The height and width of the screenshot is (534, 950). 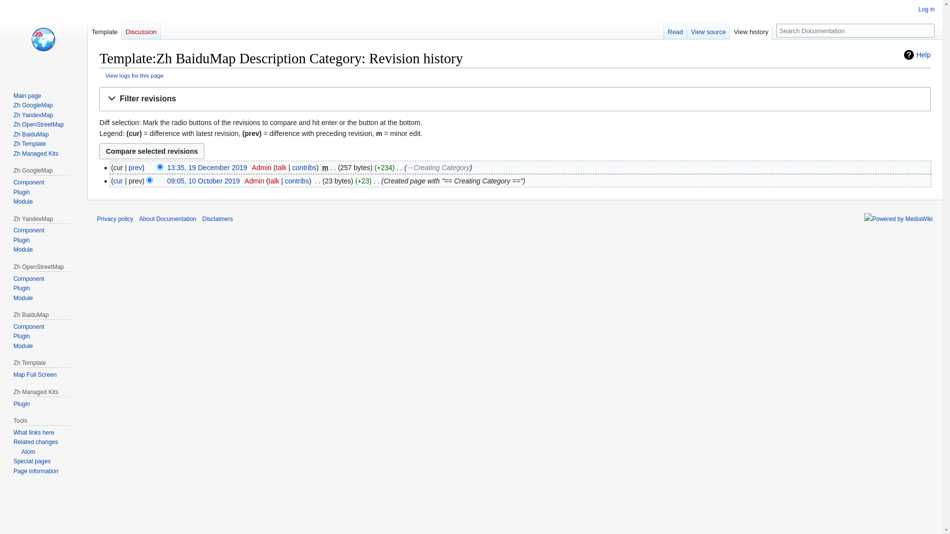 I want to click on 'Discussion', so click(x=141, y=29).